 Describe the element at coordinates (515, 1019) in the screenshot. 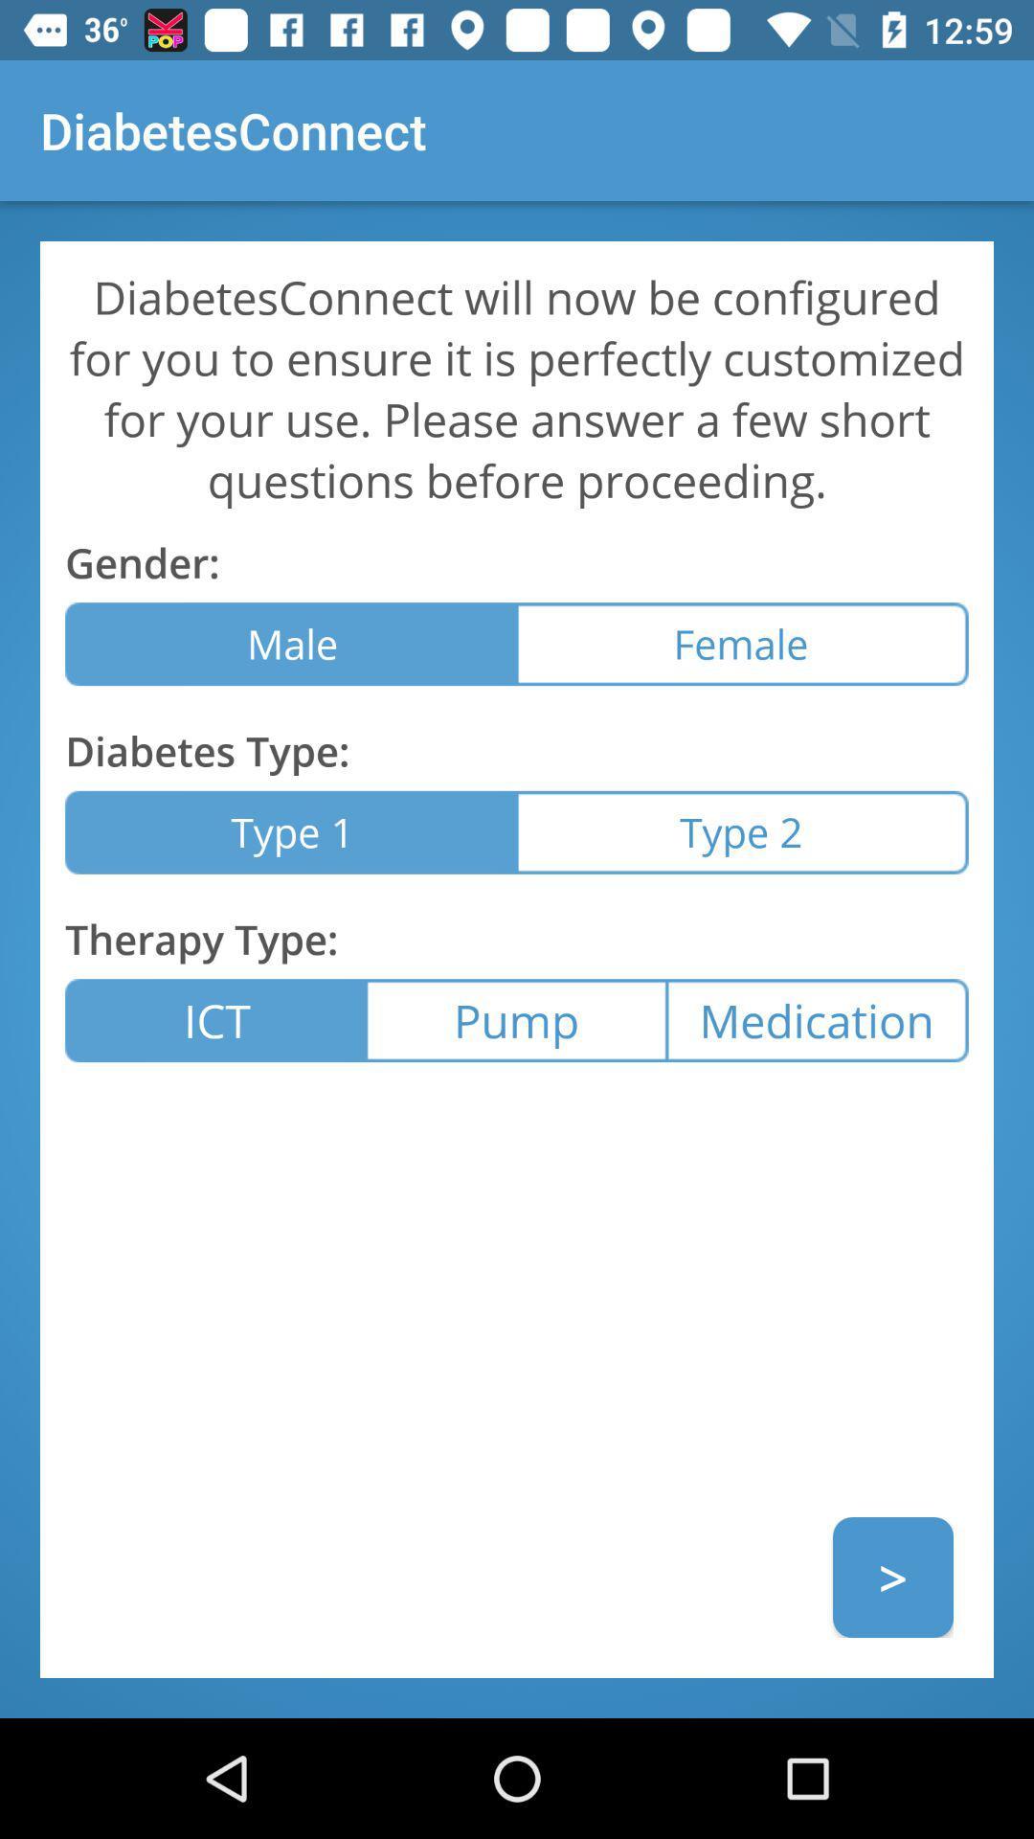

I see `the icon next to medication icon` at that location.